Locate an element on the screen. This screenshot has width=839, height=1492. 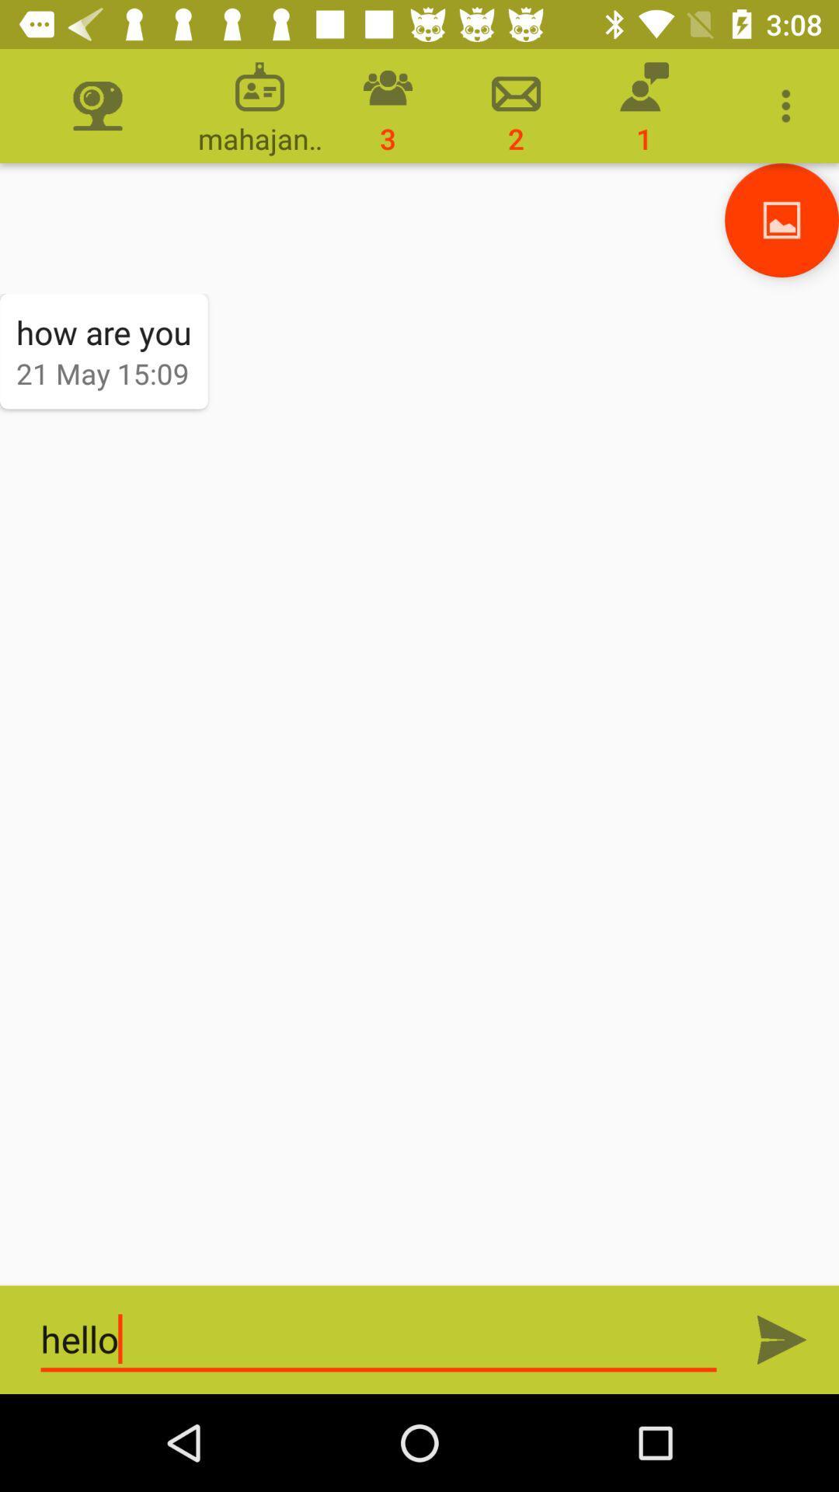
image is located at coordinates (782, 219).